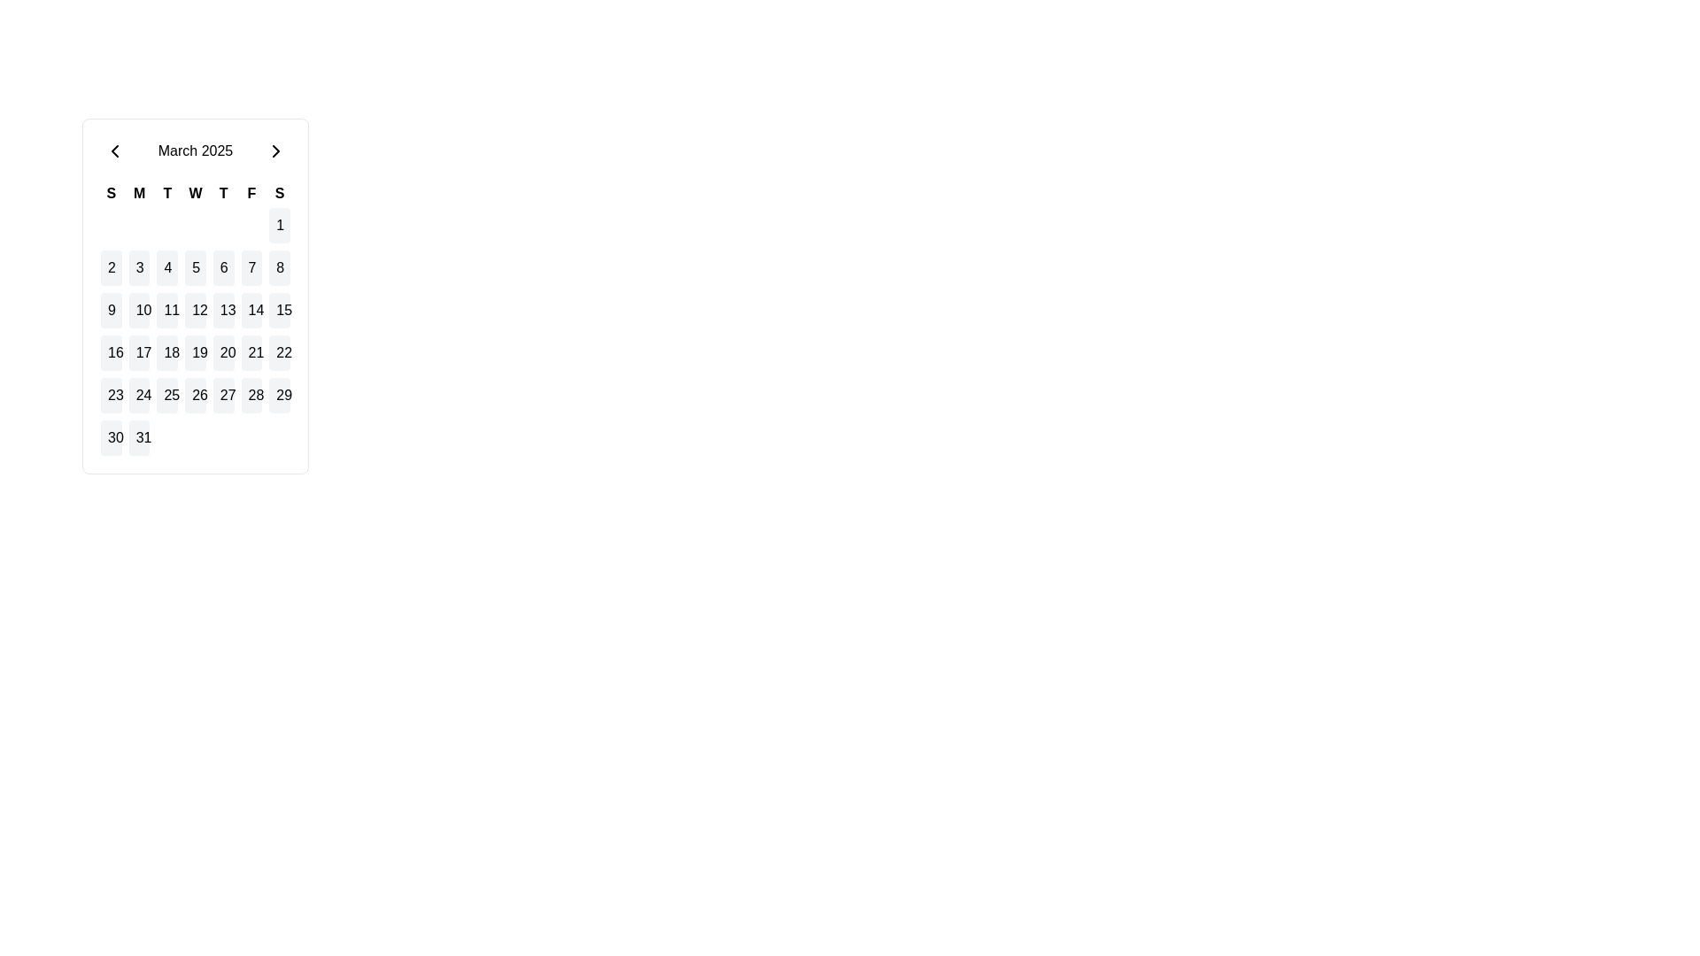 This screenshot has width=1700, height=956. Describe the element at coordinates (275, 150) in the screenshot. I see `the forward navigation button in the calendar interface` at that location.